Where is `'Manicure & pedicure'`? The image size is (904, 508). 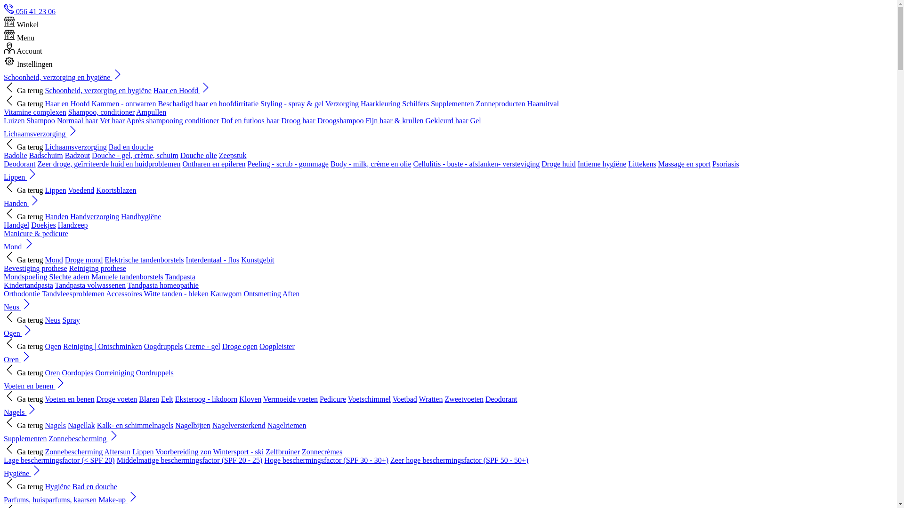 'Manicure & pedicure' is located at coordinates (36, 233).